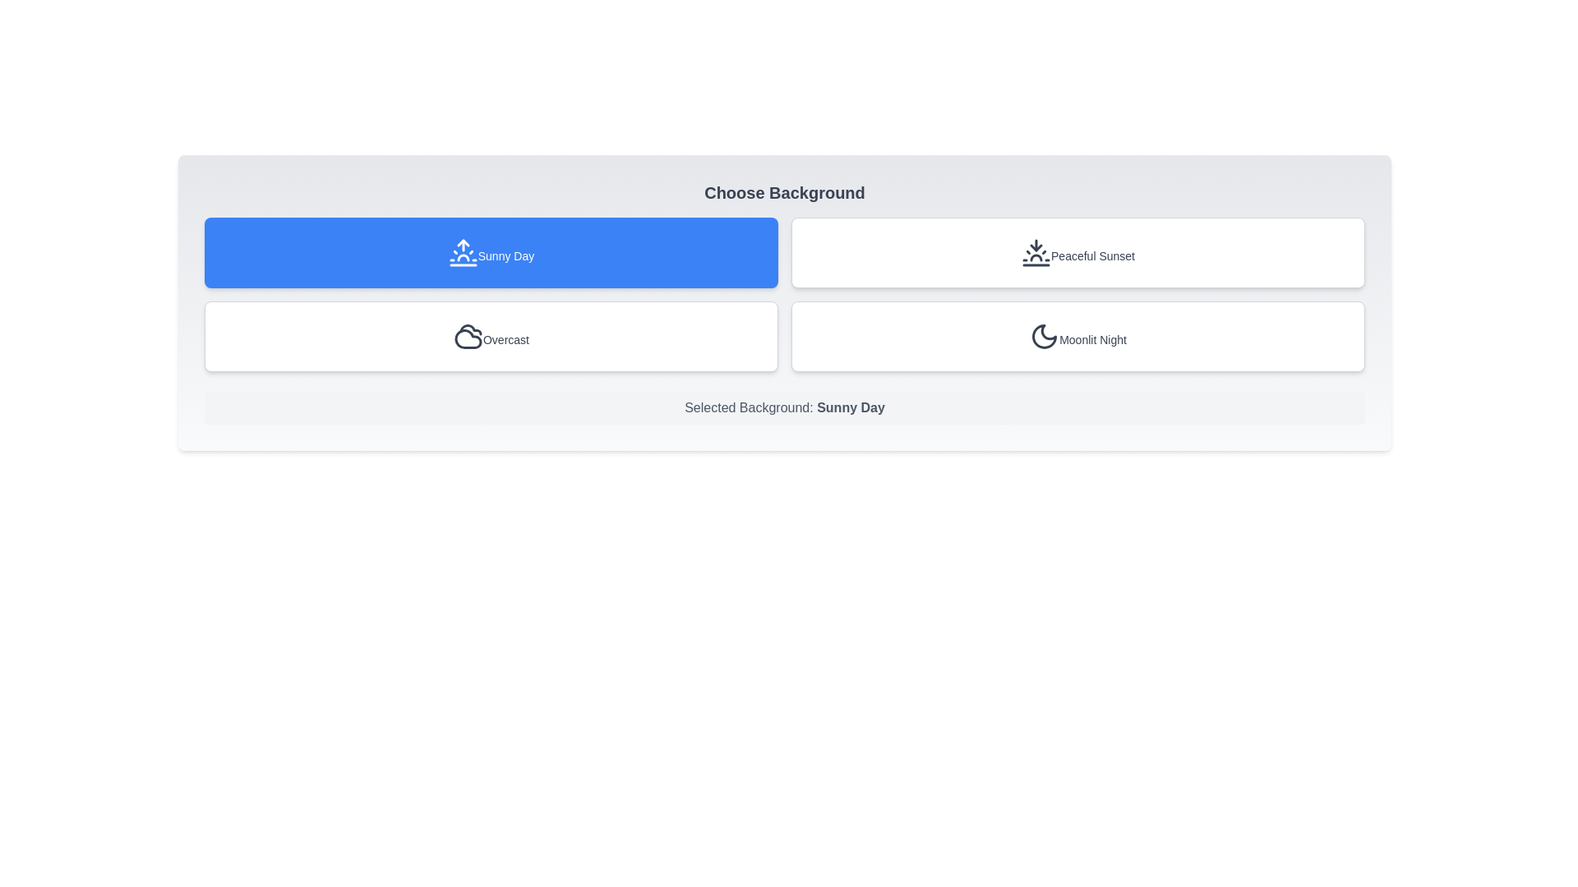  Describe the element at coordinates (1077, 335) in the screenshot. I see `the background Moonlit Night by clicking its corresponding button` at that location.